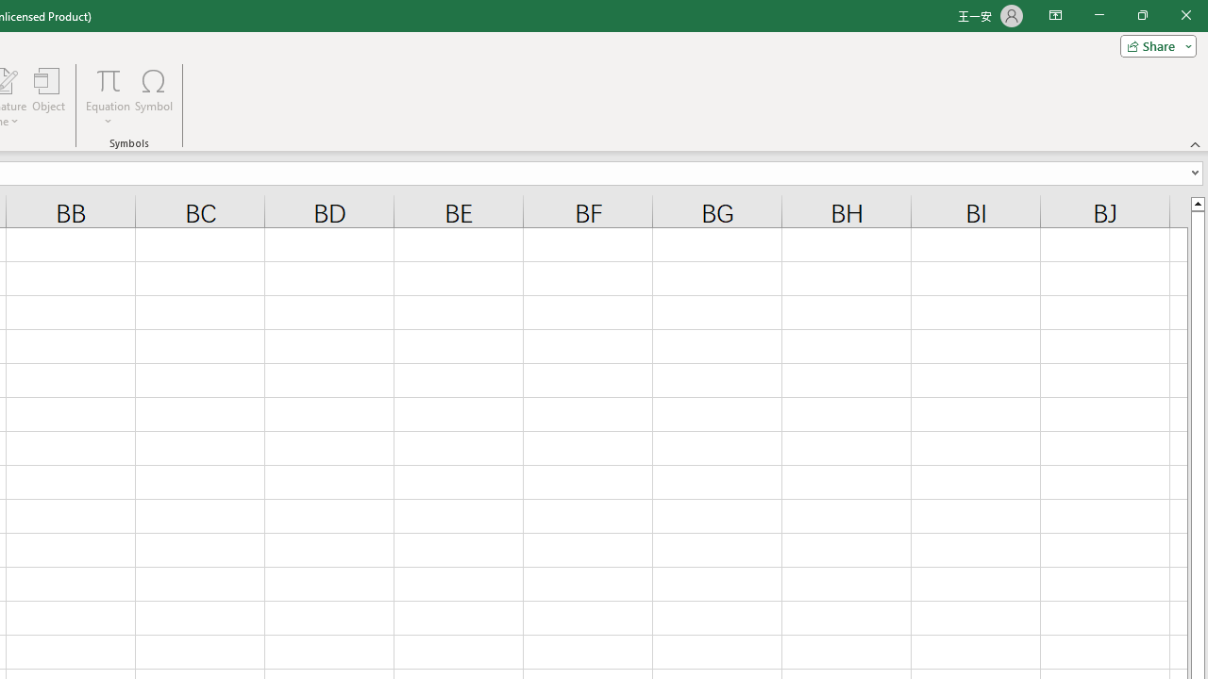 The width and height of the screenshot is (1208, 679). I want to click on 'Ribbon Display Options', so click(1054, 15).